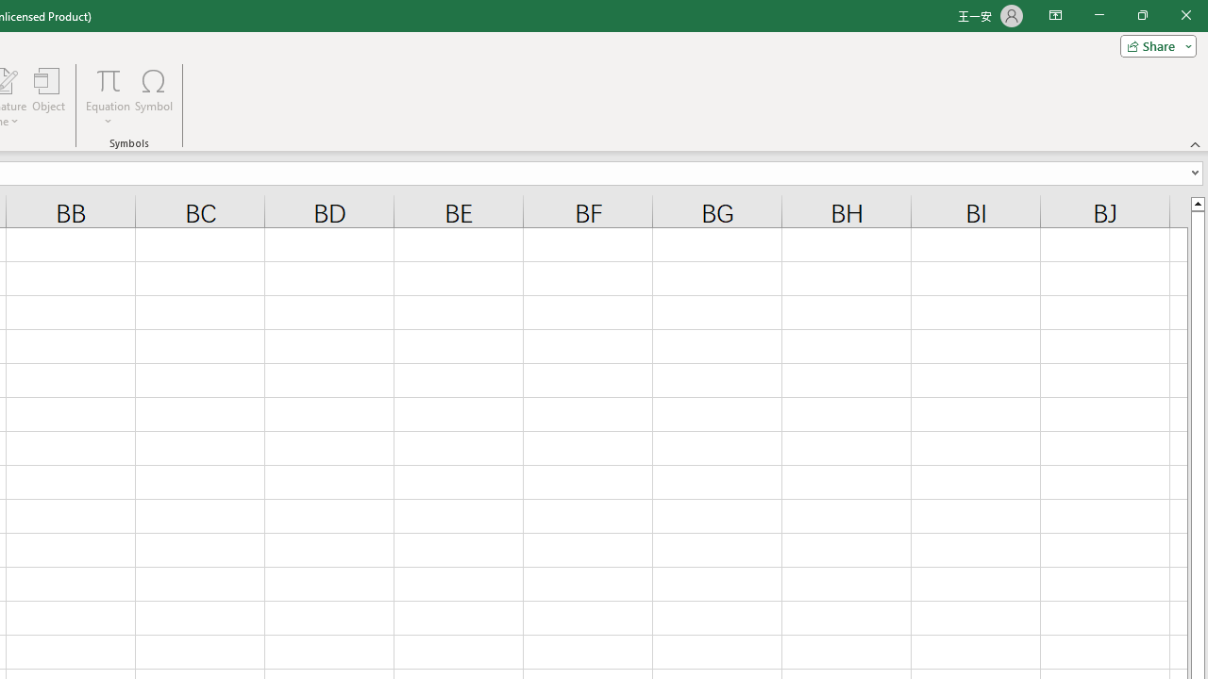 The width and height of the screenshot is (1208, 679). I want to click on 'Ribbon Display Options', so click(1054, 15).